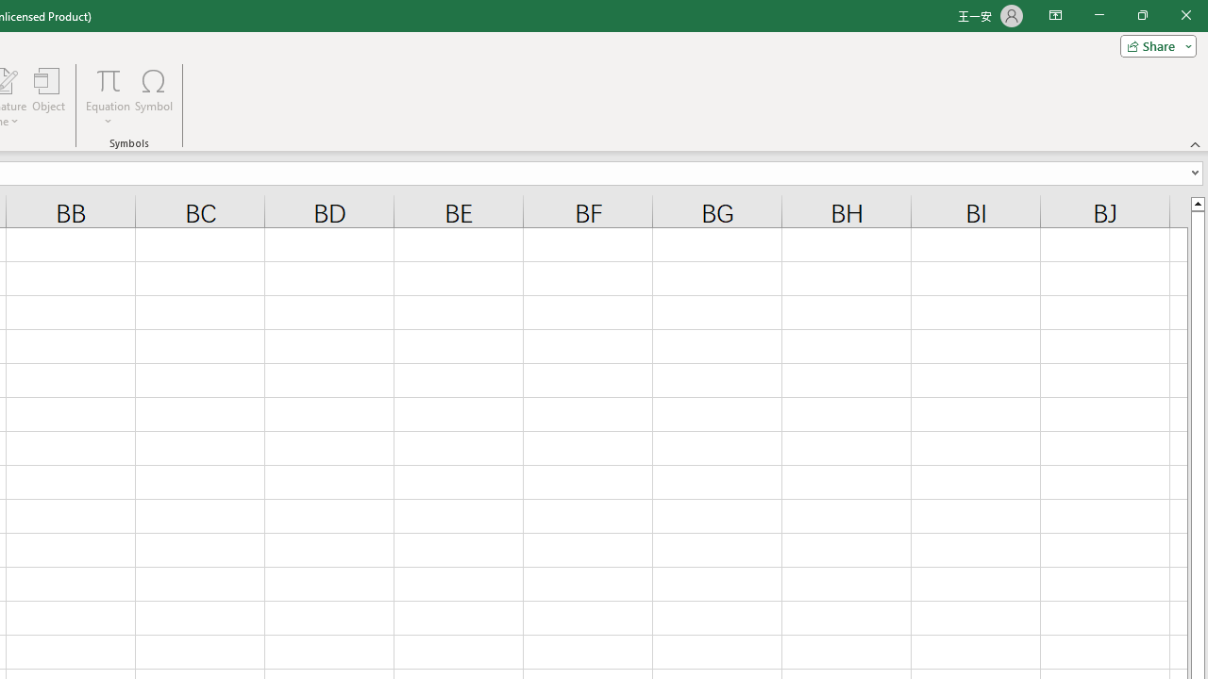 The width and height of the screenshot is (1208, 679). I want to click on 'Ribbon Display Options', so click(1054, 15).